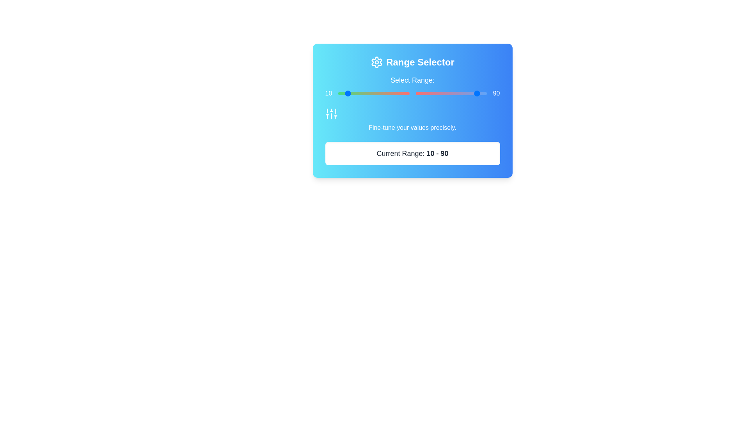 The height and width of the screenshot is (421, 749). Describe the element at coordinates (403, 93) in the screenshot. I see `the left range slider to set the starting value to 92` at that location.